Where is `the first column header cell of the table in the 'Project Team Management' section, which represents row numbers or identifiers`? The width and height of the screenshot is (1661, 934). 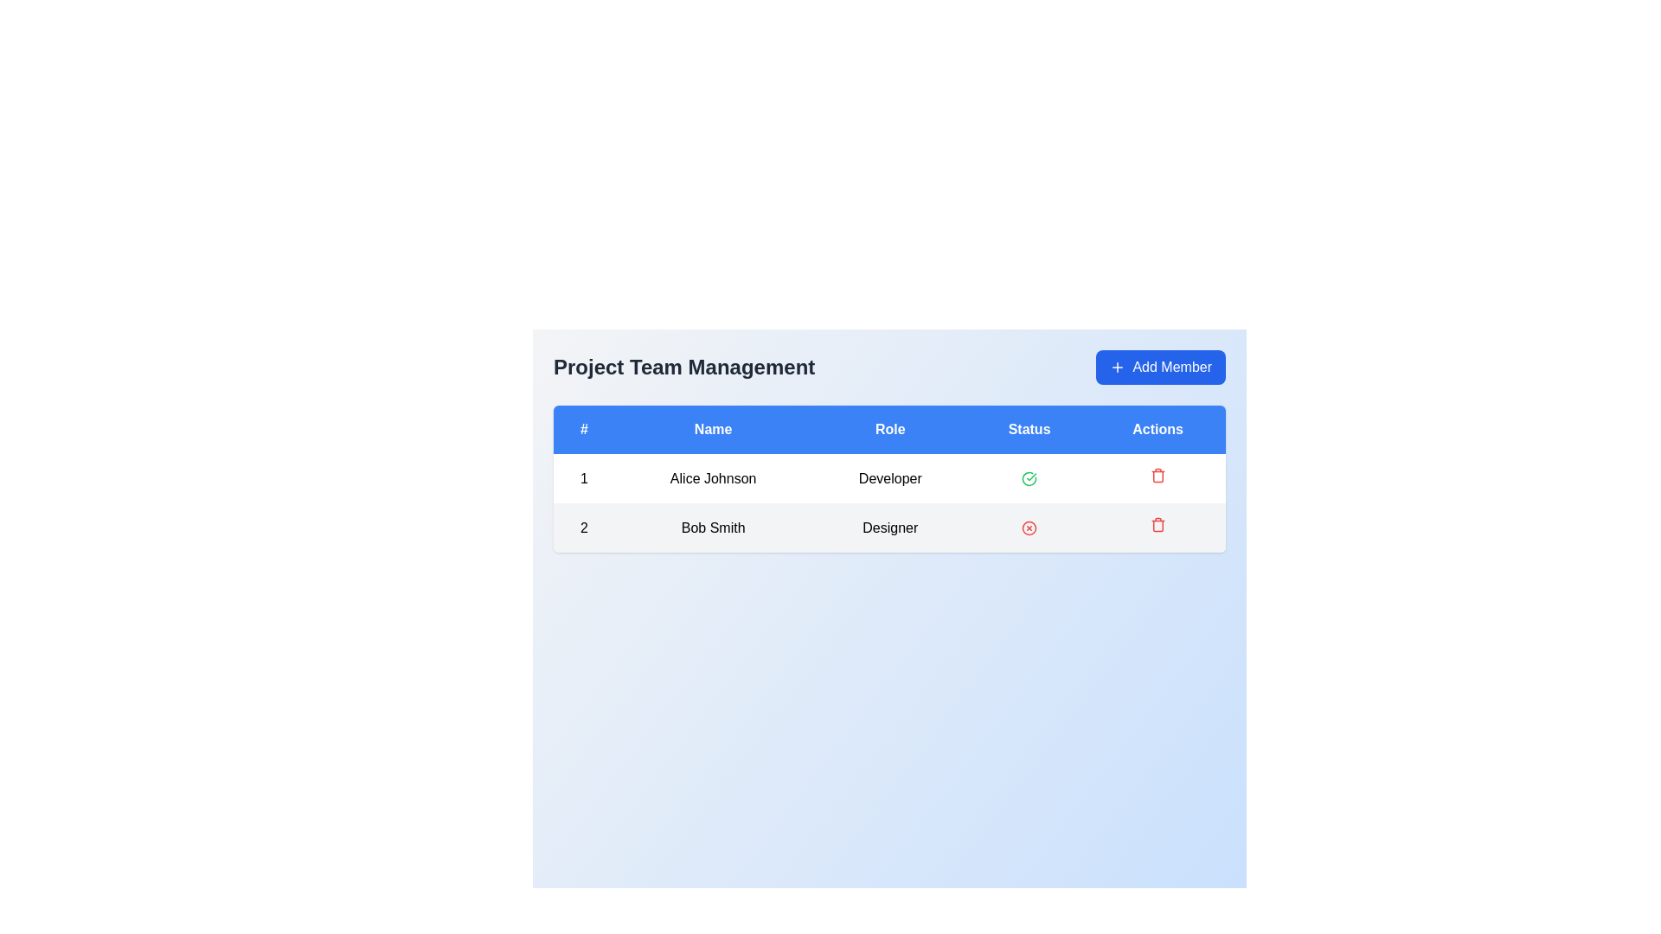
the first column header cell of the table in the 'Project Team Management' section, which represents row numbers or identifiers is located at coordinates (584, 429).